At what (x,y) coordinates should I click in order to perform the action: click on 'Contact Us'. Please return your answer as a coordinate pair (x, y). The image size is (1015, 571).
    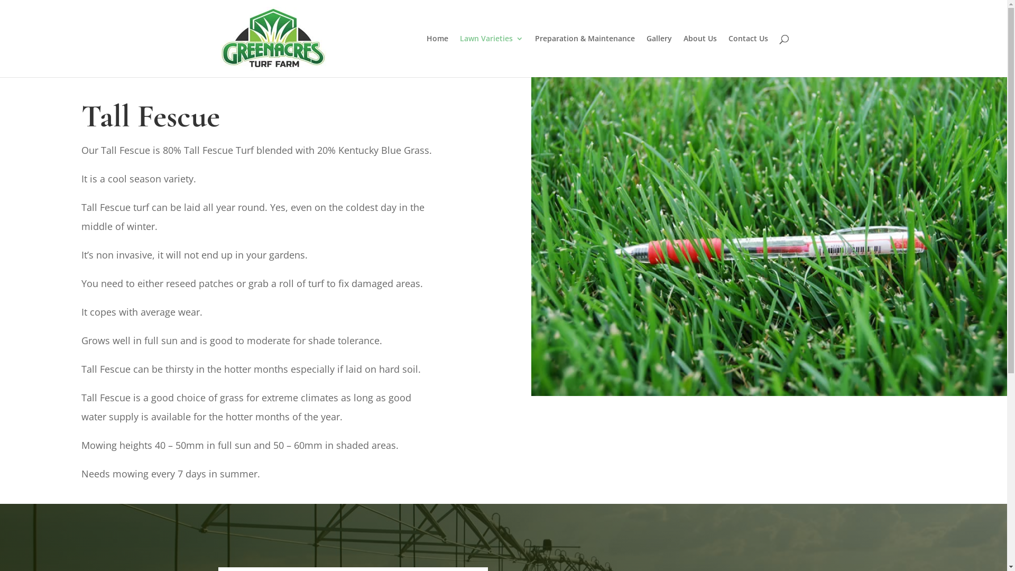
    Looking at the image, I should click on (748, 56).